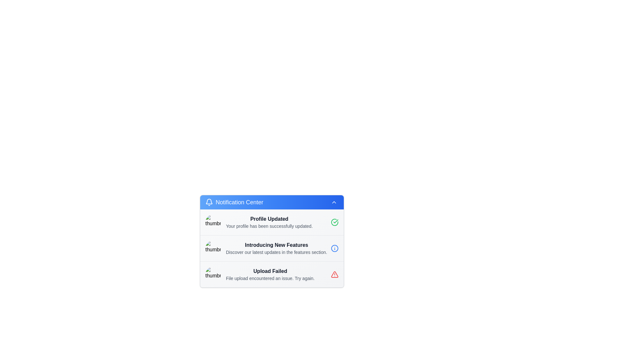 The image size is (618, 348). I want to click on the text element that provides additional context below the title 'Introducing New Features' in the notification card, so click(276, 252).